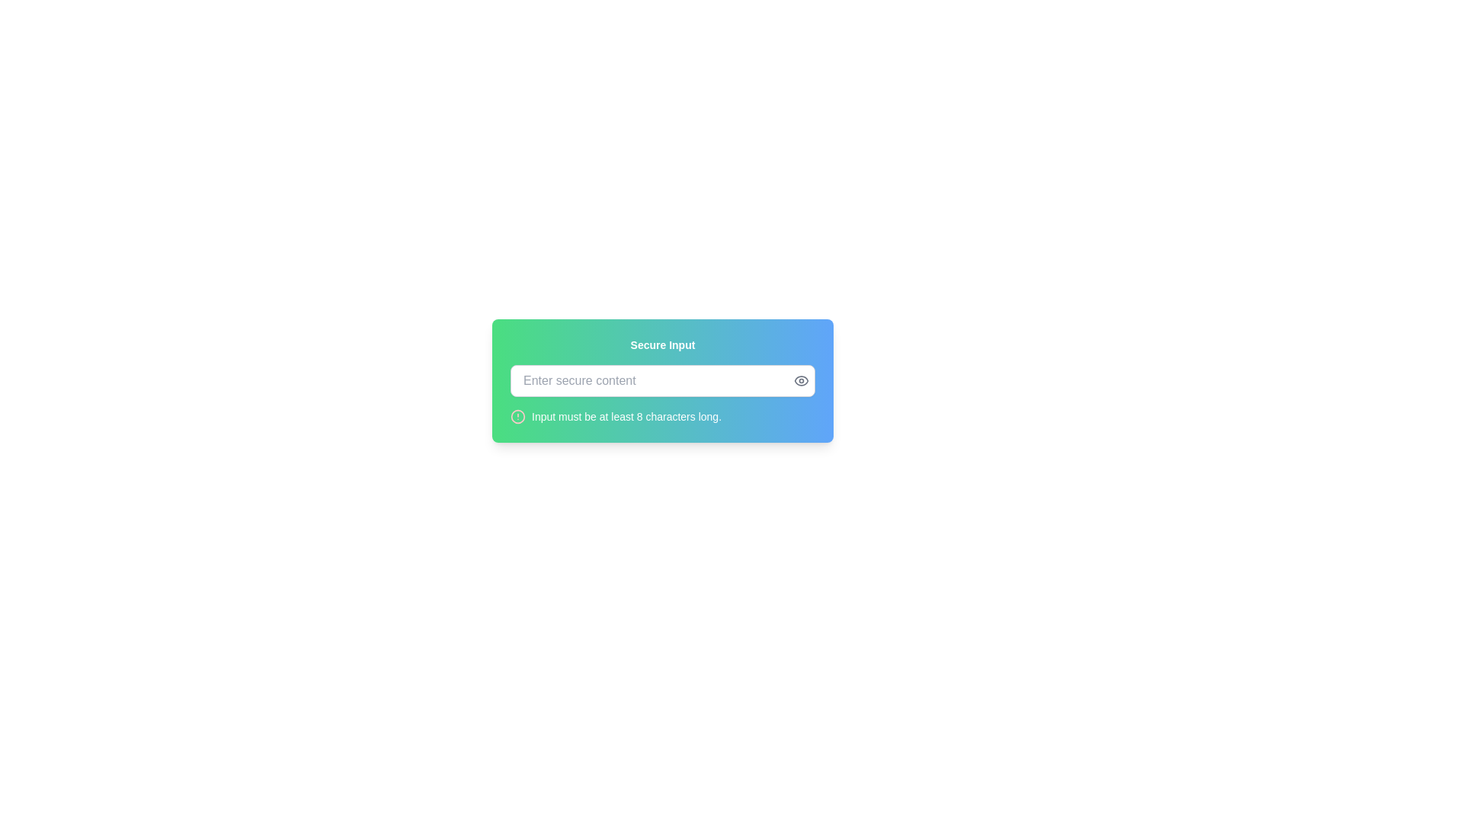 This screenshot has width=1463, height=823. I want to click on the visibility toggle button located at the far right of the password input field, so click(800, 380).